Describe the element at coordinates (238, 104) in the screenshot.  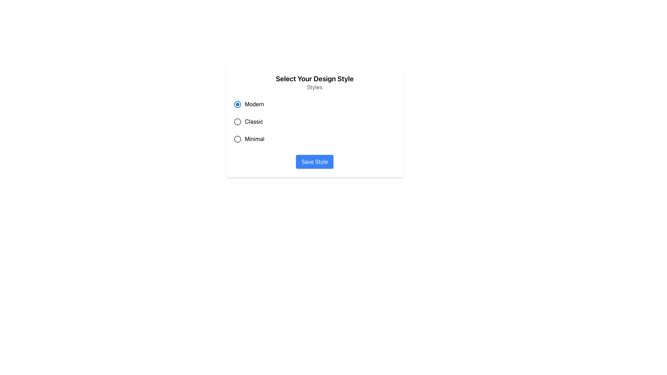
I see `the innermost circular layer of the first radio button in the group under the heading 'Select Your Design Style', which indicates it is chosen` at that location.